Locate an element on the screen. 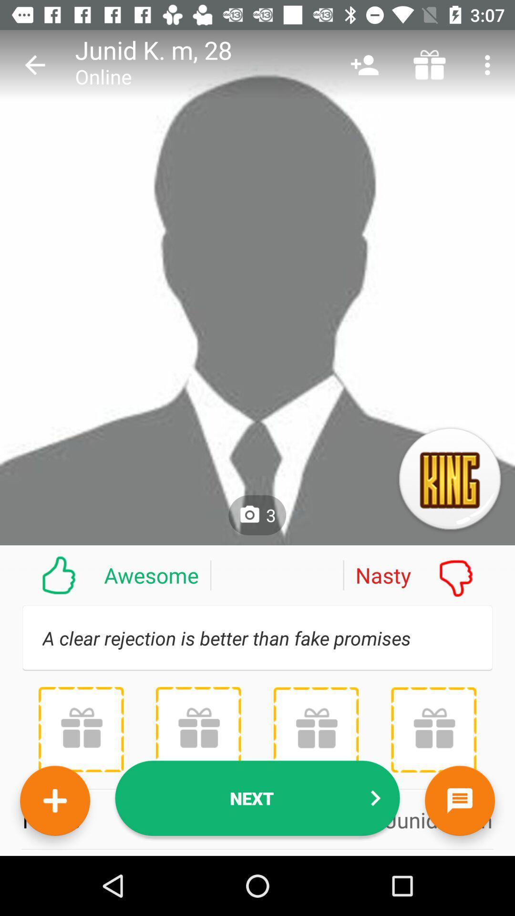 The height and width of the screenshot is (916, 515). the 3 item is located at coordinates (257, 515).